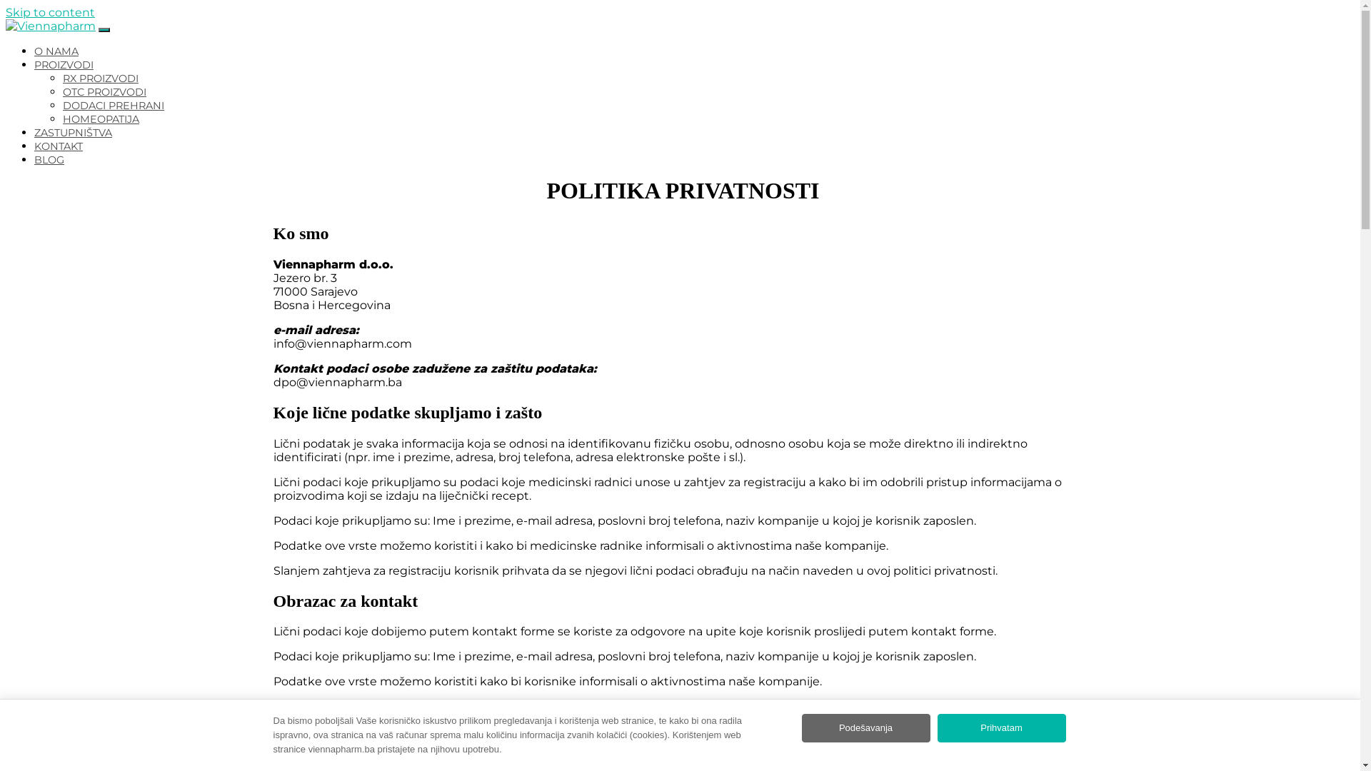 The image size is (1371, 771). I want to click on 'RX PROIZVODI', so click(99, 79).